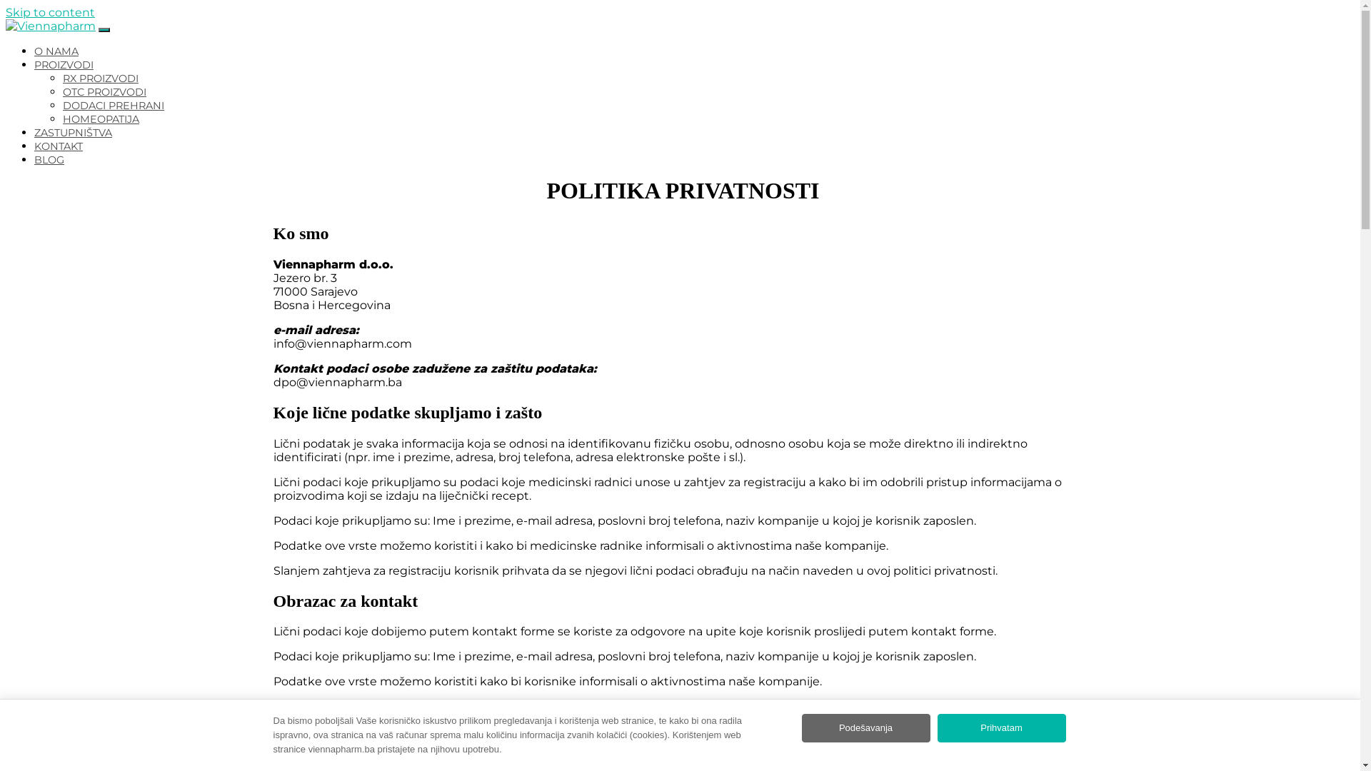 The image size is (1371, 771). I want to click on 'RX PROIZVODI', so click(99, 79).